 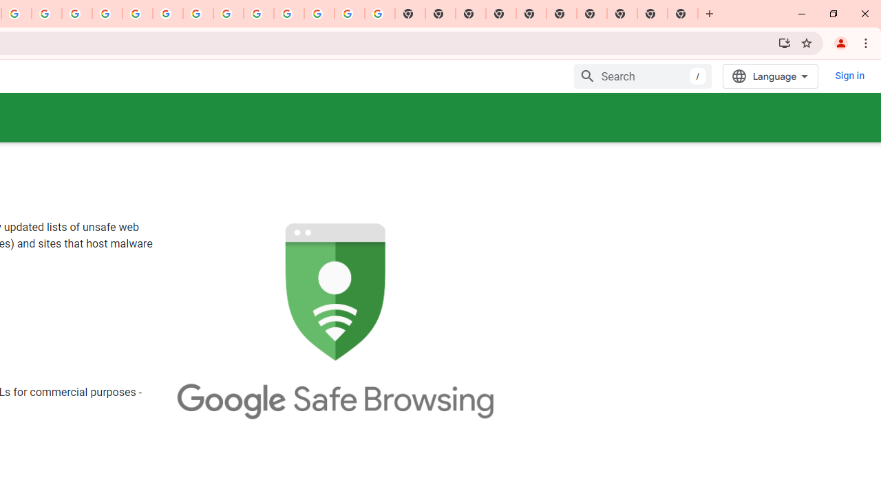 What do you see at coordinates (76, 14) in the screenshot?
I see `'Privacy Help Center - Policies Help'` at bounding box center [76, 14].